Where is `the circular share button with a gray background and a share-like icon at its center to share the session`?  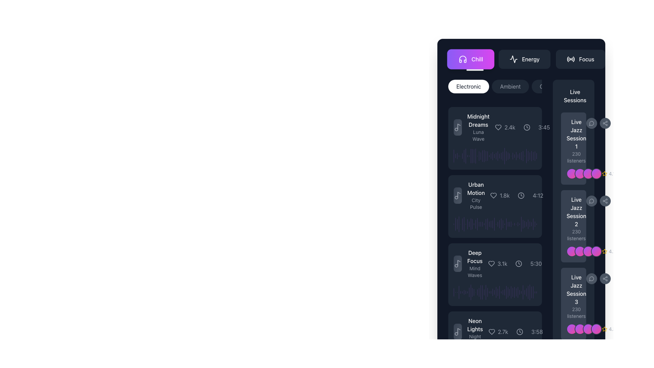 the circular share button with a gray background and a share-like icon at its center to share the session is located at coordinates (605, 123).